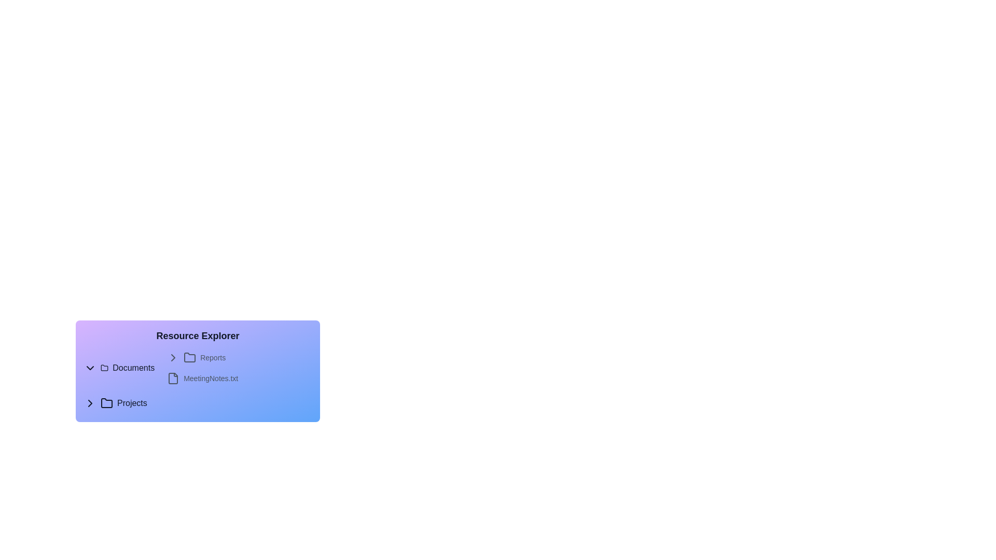 This screenshot has width=996, height=560. What do you see at coordinates (107, 403) in the screenshot?
I see `the small folder icon next to the text label 'Projects' by moving the cursor to its center point` at bounding box center [107, 403].